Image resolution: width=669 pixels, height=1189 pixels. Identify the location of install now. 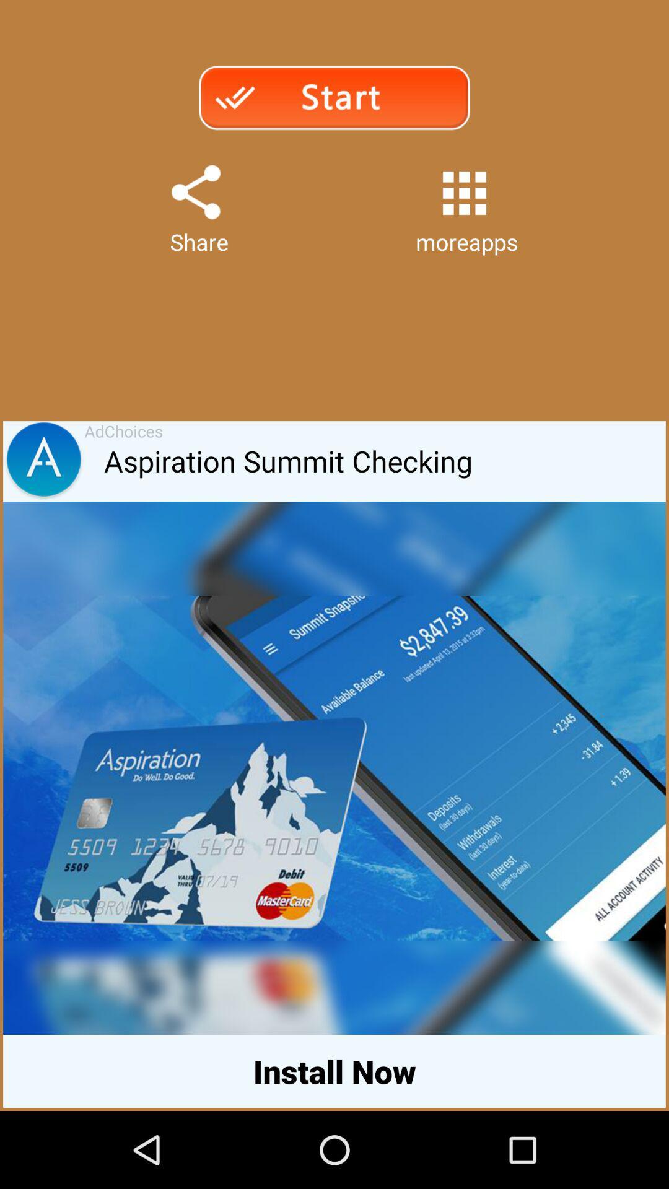
(334, 1071).